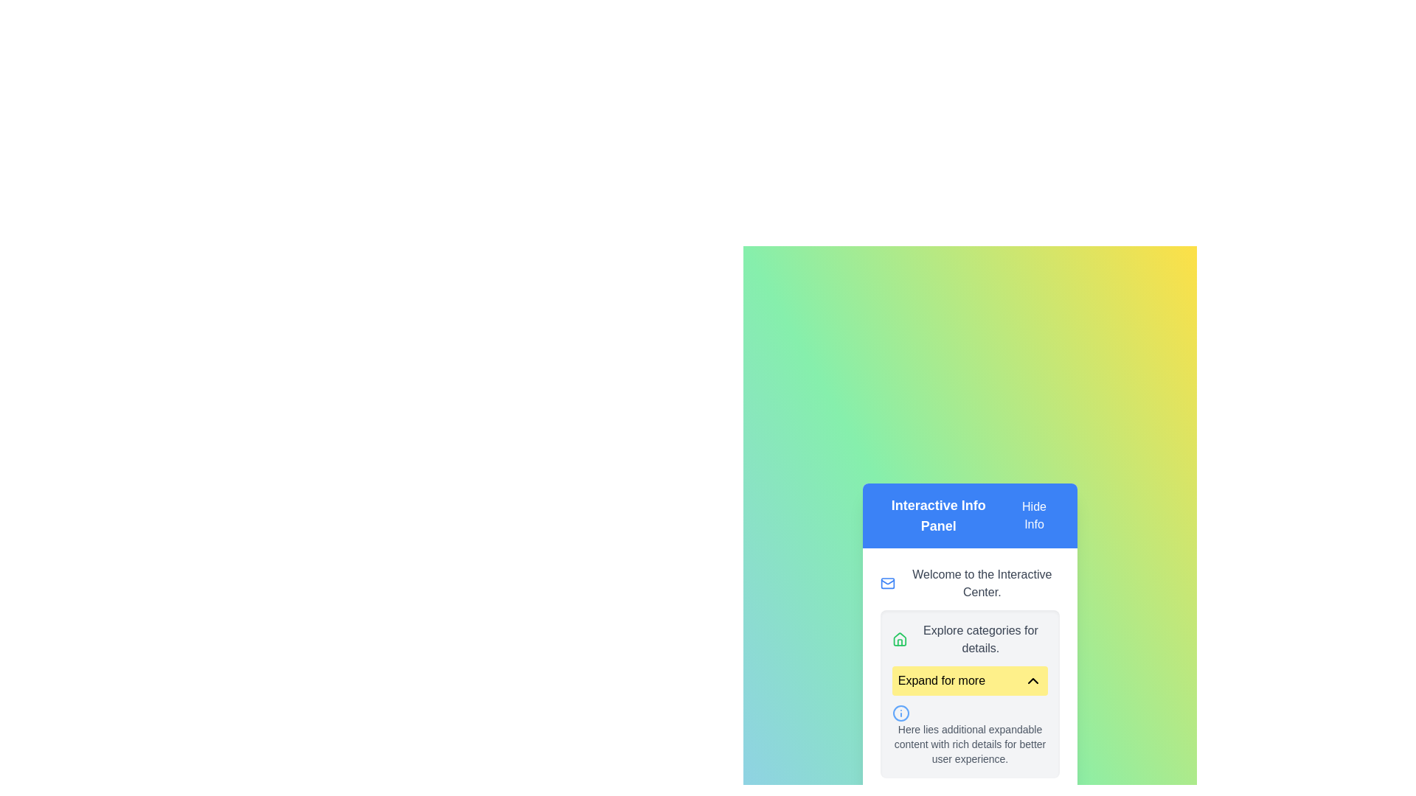 Image resolution: width=1416 pixels, height=796 pixels. Describe the element at coordinates (937, 514) in the screenshot. I see `the static Text Label located in the top-left section of the blue header, positioned directly to the left of the 'Hide Info' button` at that location.